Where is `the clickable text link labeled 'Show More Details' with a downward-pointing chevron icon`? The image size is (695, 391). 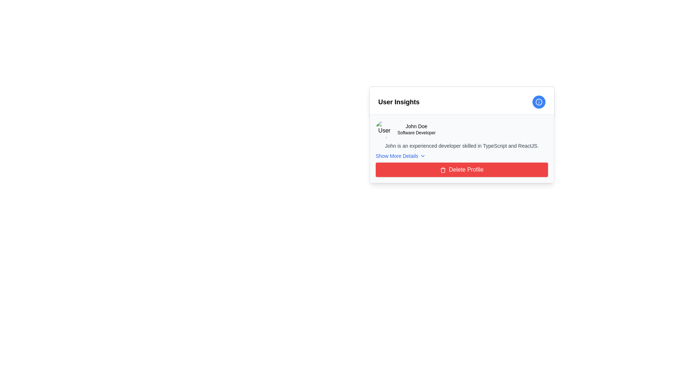
the clickable text link labeled 'Show More Details' with a downward-pointing chevron icon is located at coordinates (400, 156).